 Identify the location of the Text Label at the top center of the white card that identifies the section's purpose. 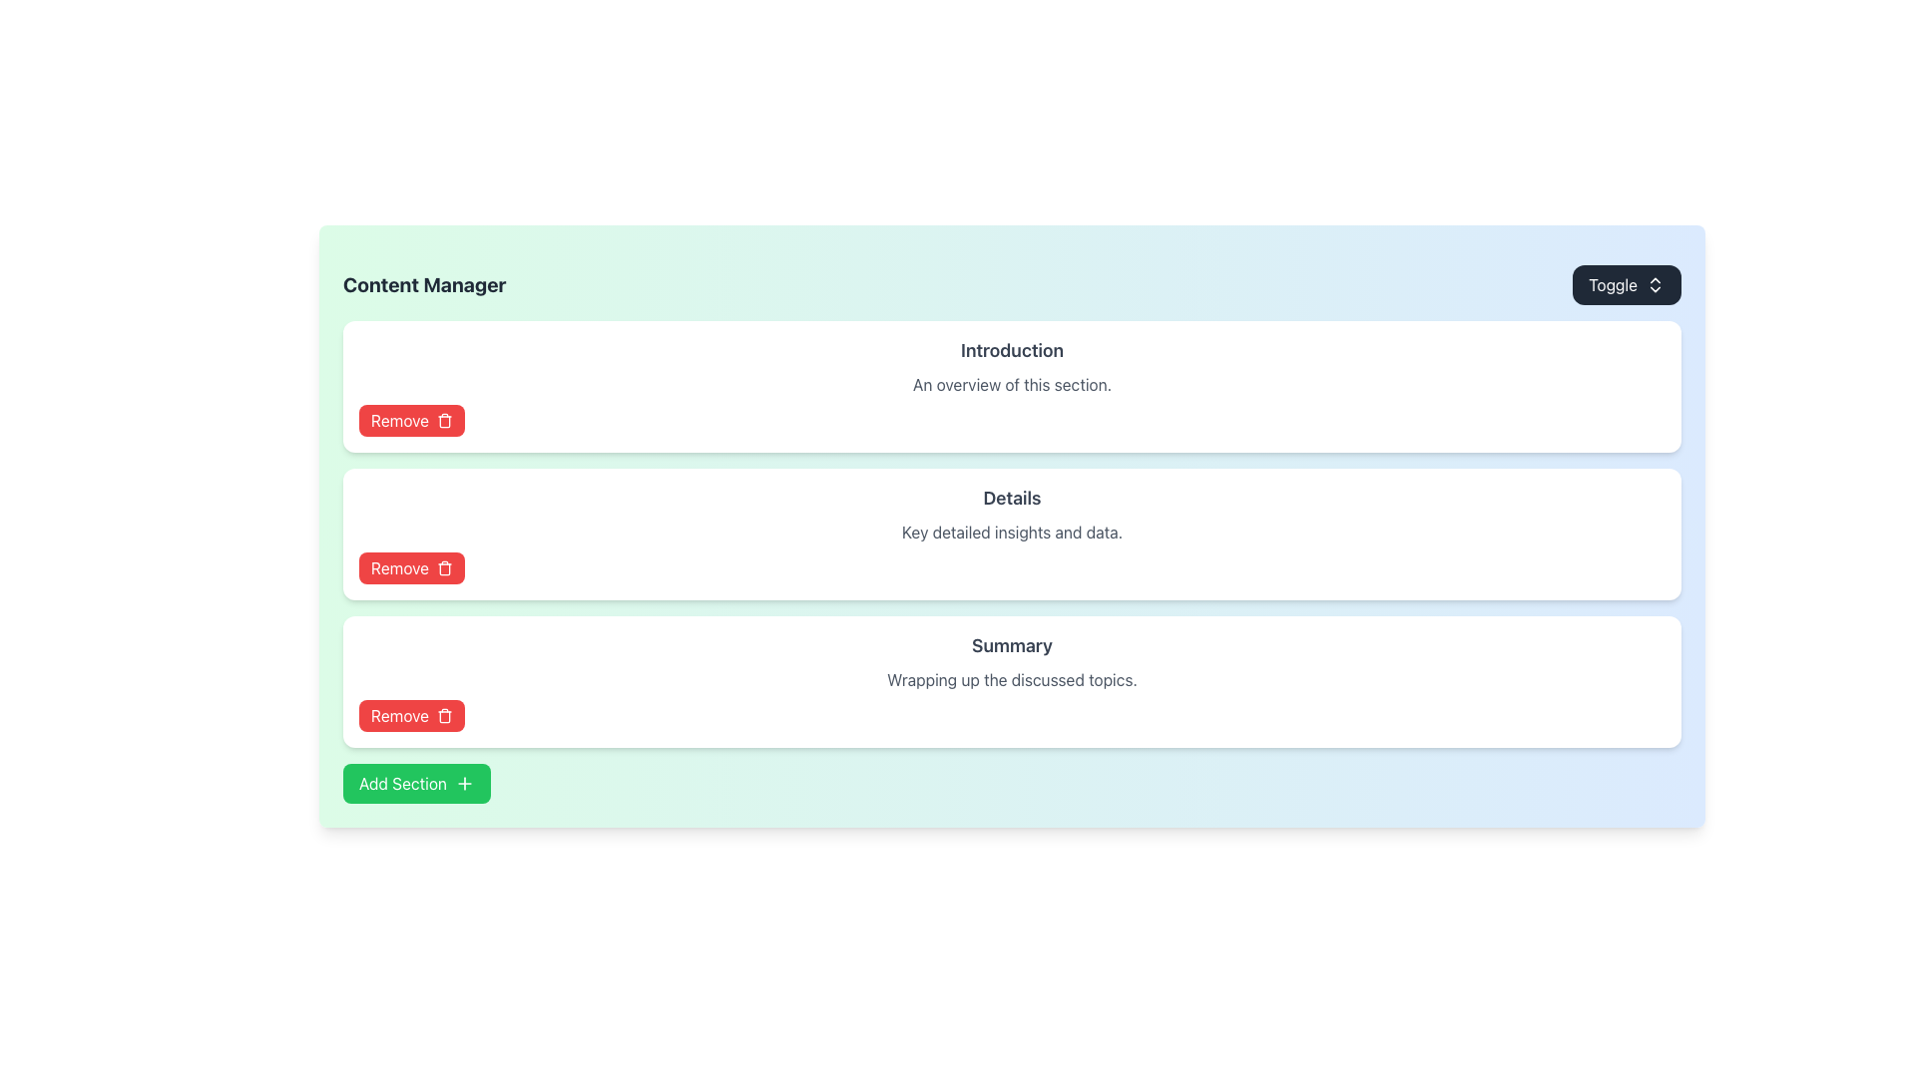
(1012, 349).